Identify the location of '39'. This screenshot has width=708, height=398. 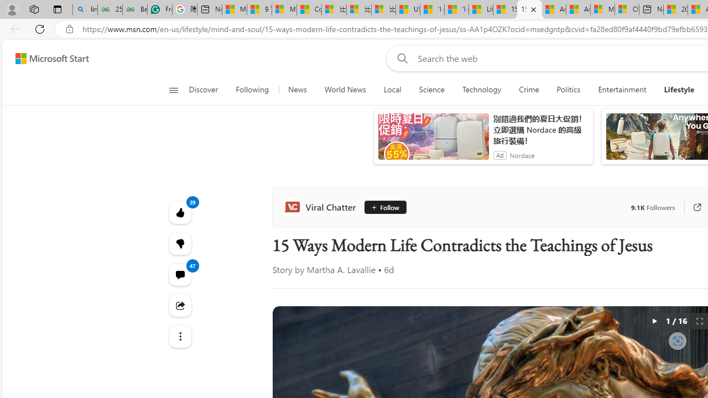
(180, 243).